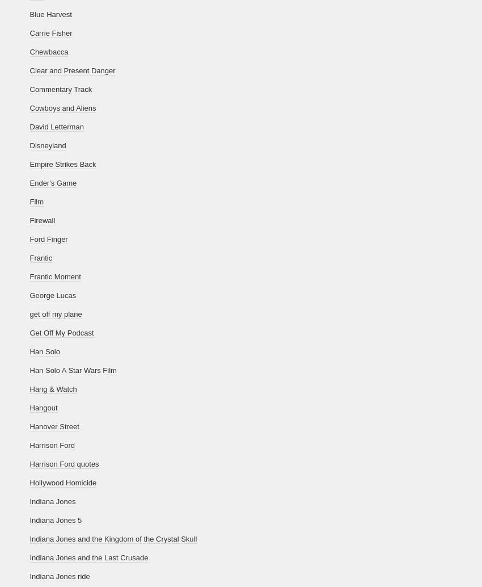  Describe the element at coordinates (48, 52) in the screenshot. I see `'Chewbacca'` at that location.